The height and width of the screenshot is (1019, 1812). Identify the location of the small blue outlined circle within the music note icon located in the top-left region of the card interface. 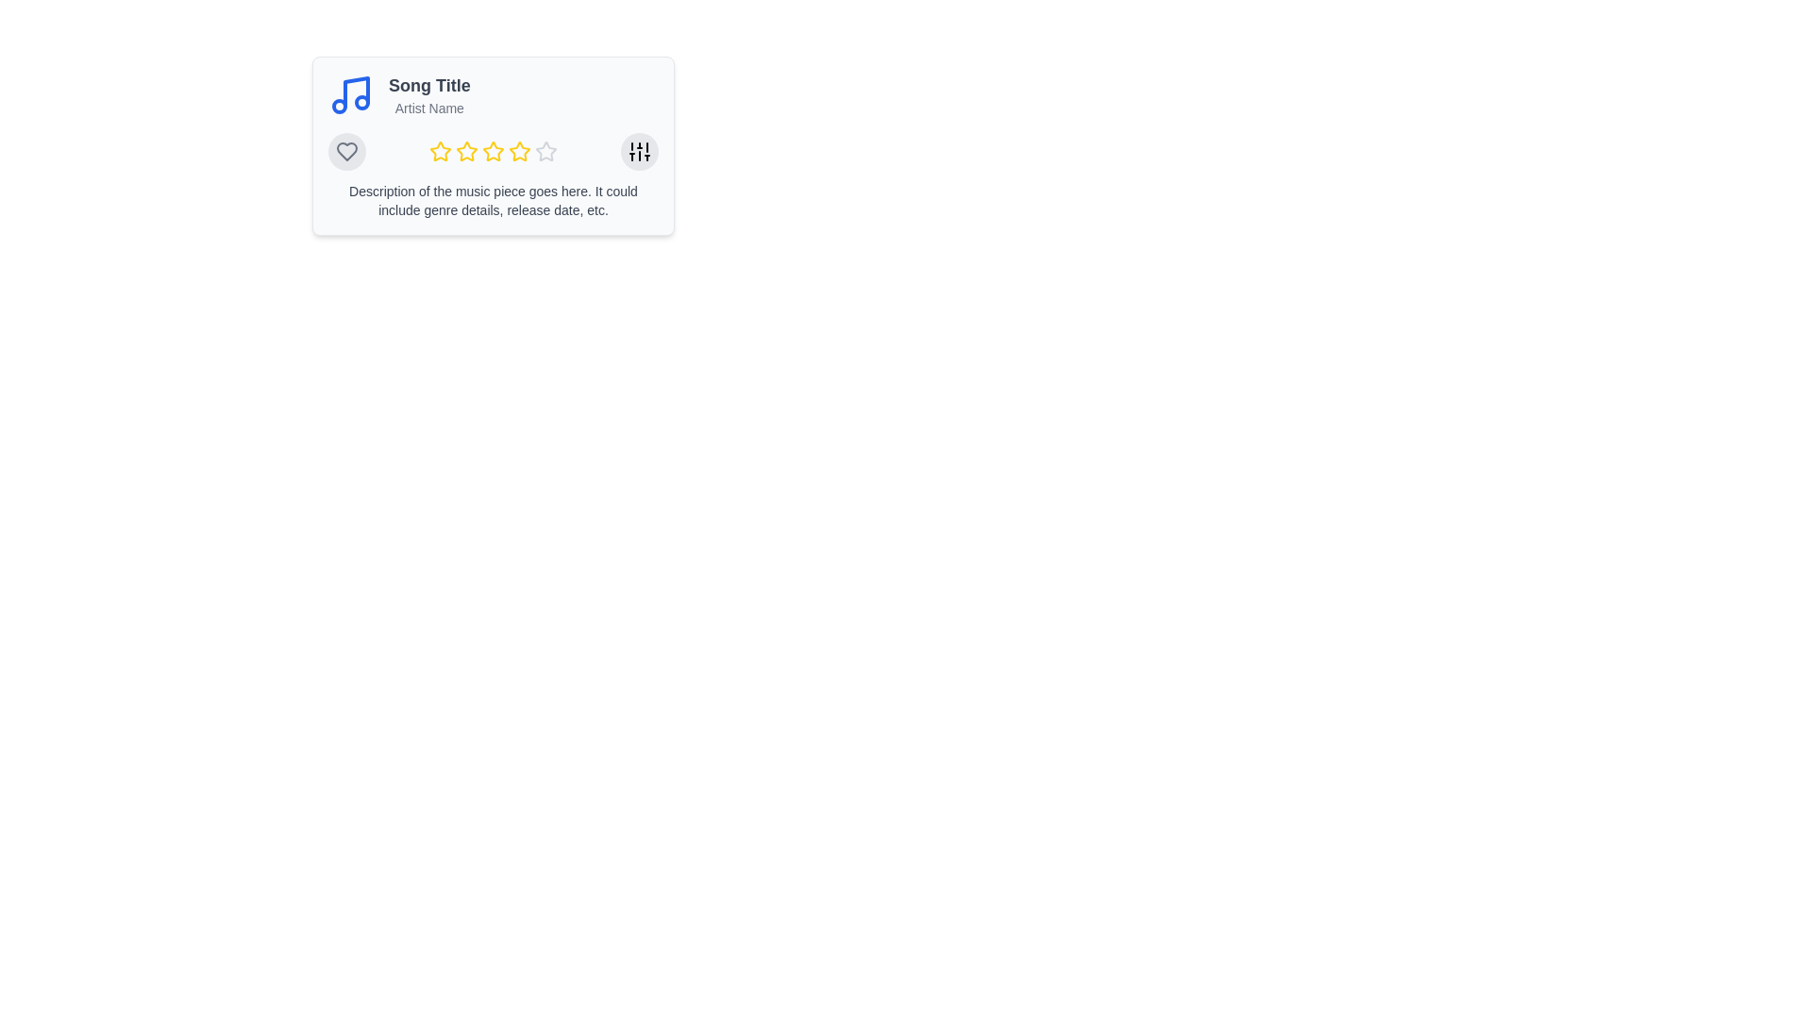
(340, 106).